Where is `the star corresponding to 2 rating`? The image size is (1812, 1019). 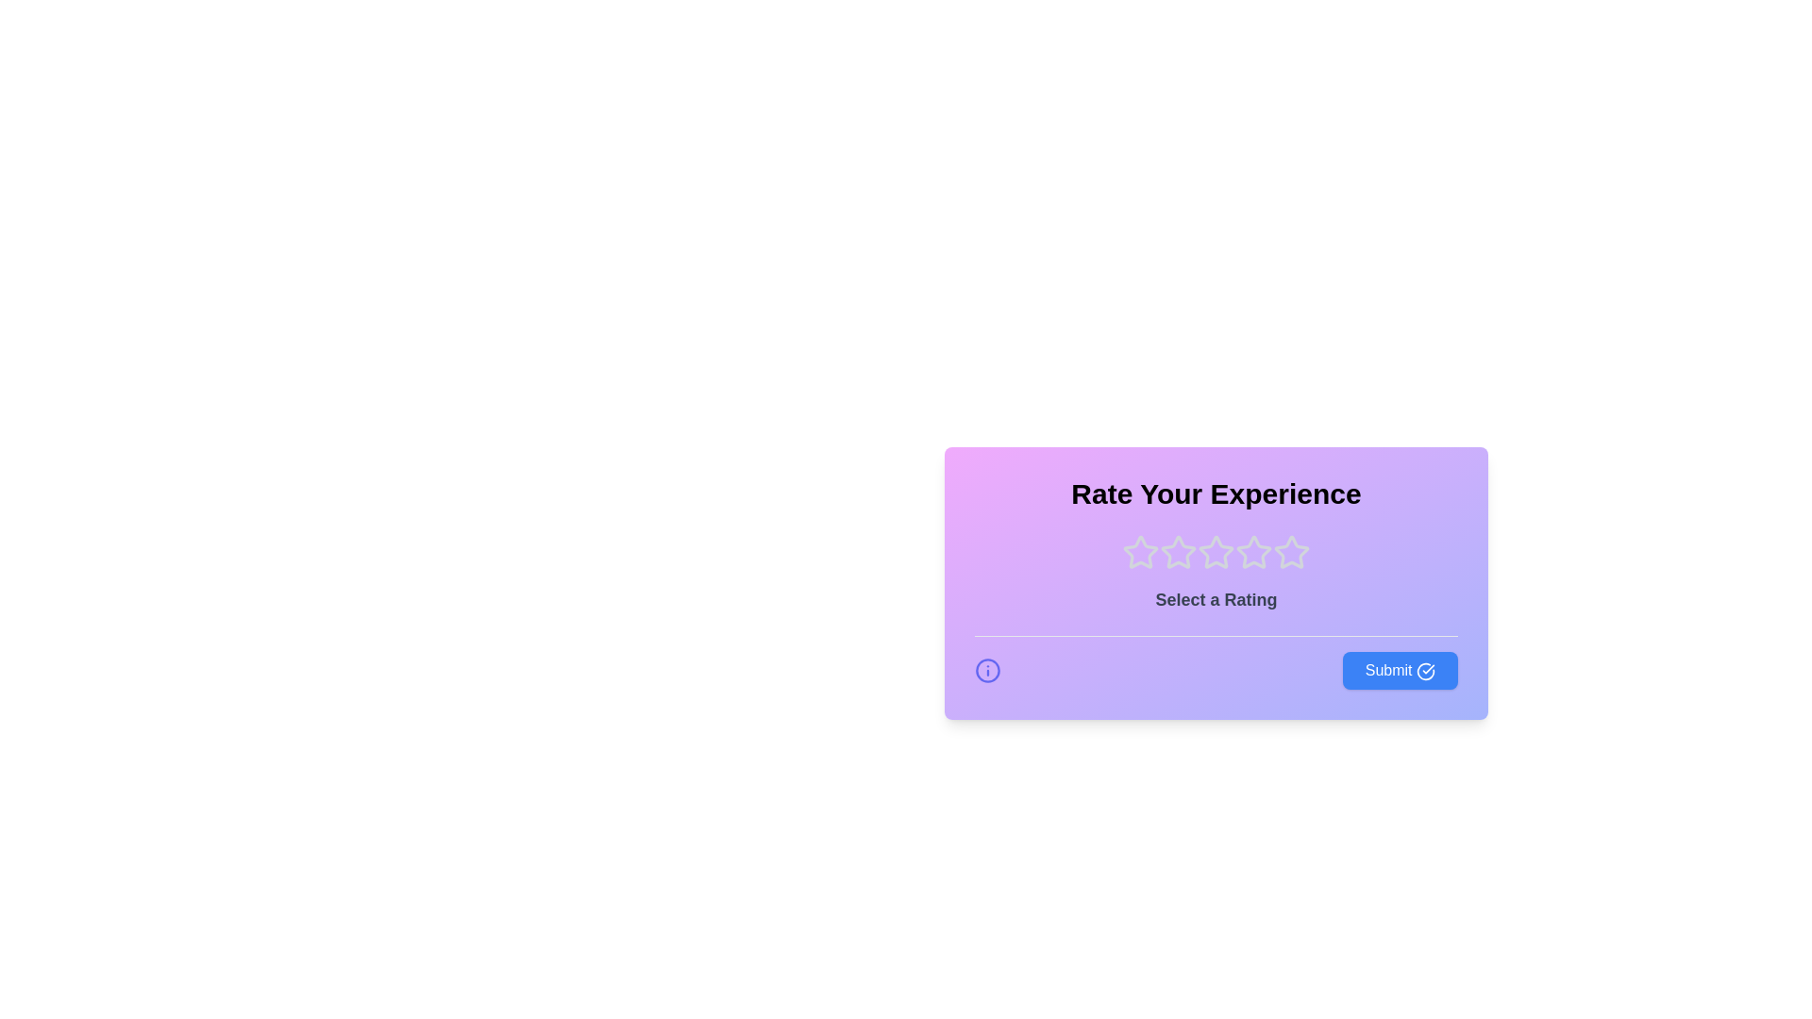
the star corresponding to 2 rating is located at coordinates (1177, 552).